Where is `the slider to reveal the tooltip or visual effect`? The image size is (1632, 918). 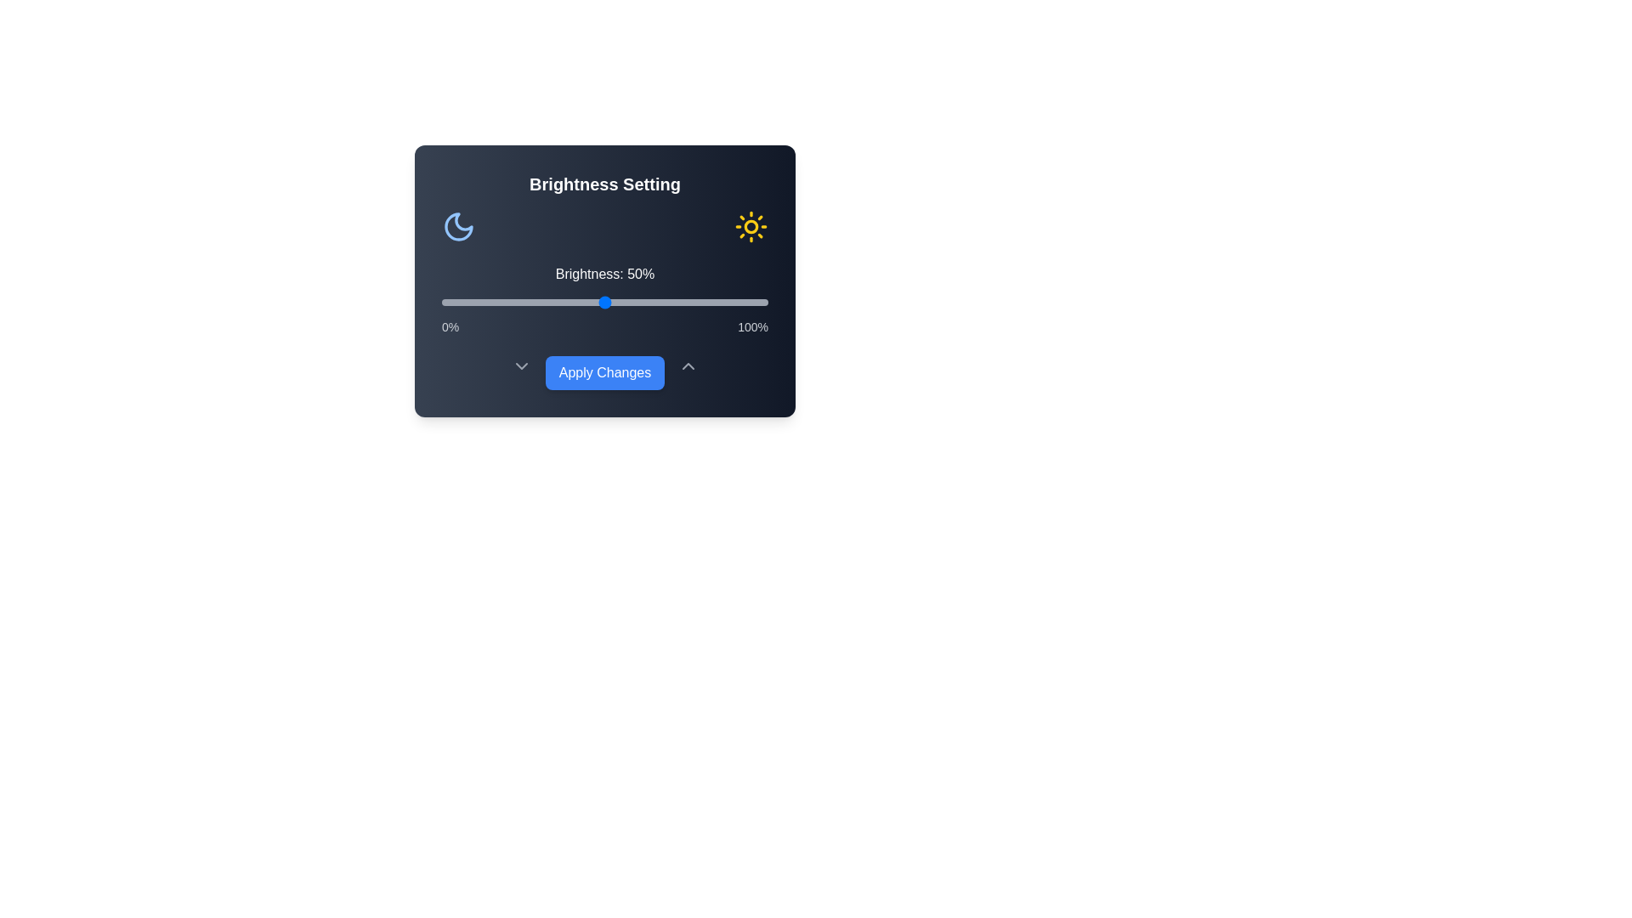
the slider to reveal the tooltip or visual effect is located at coordinates (604, 301).